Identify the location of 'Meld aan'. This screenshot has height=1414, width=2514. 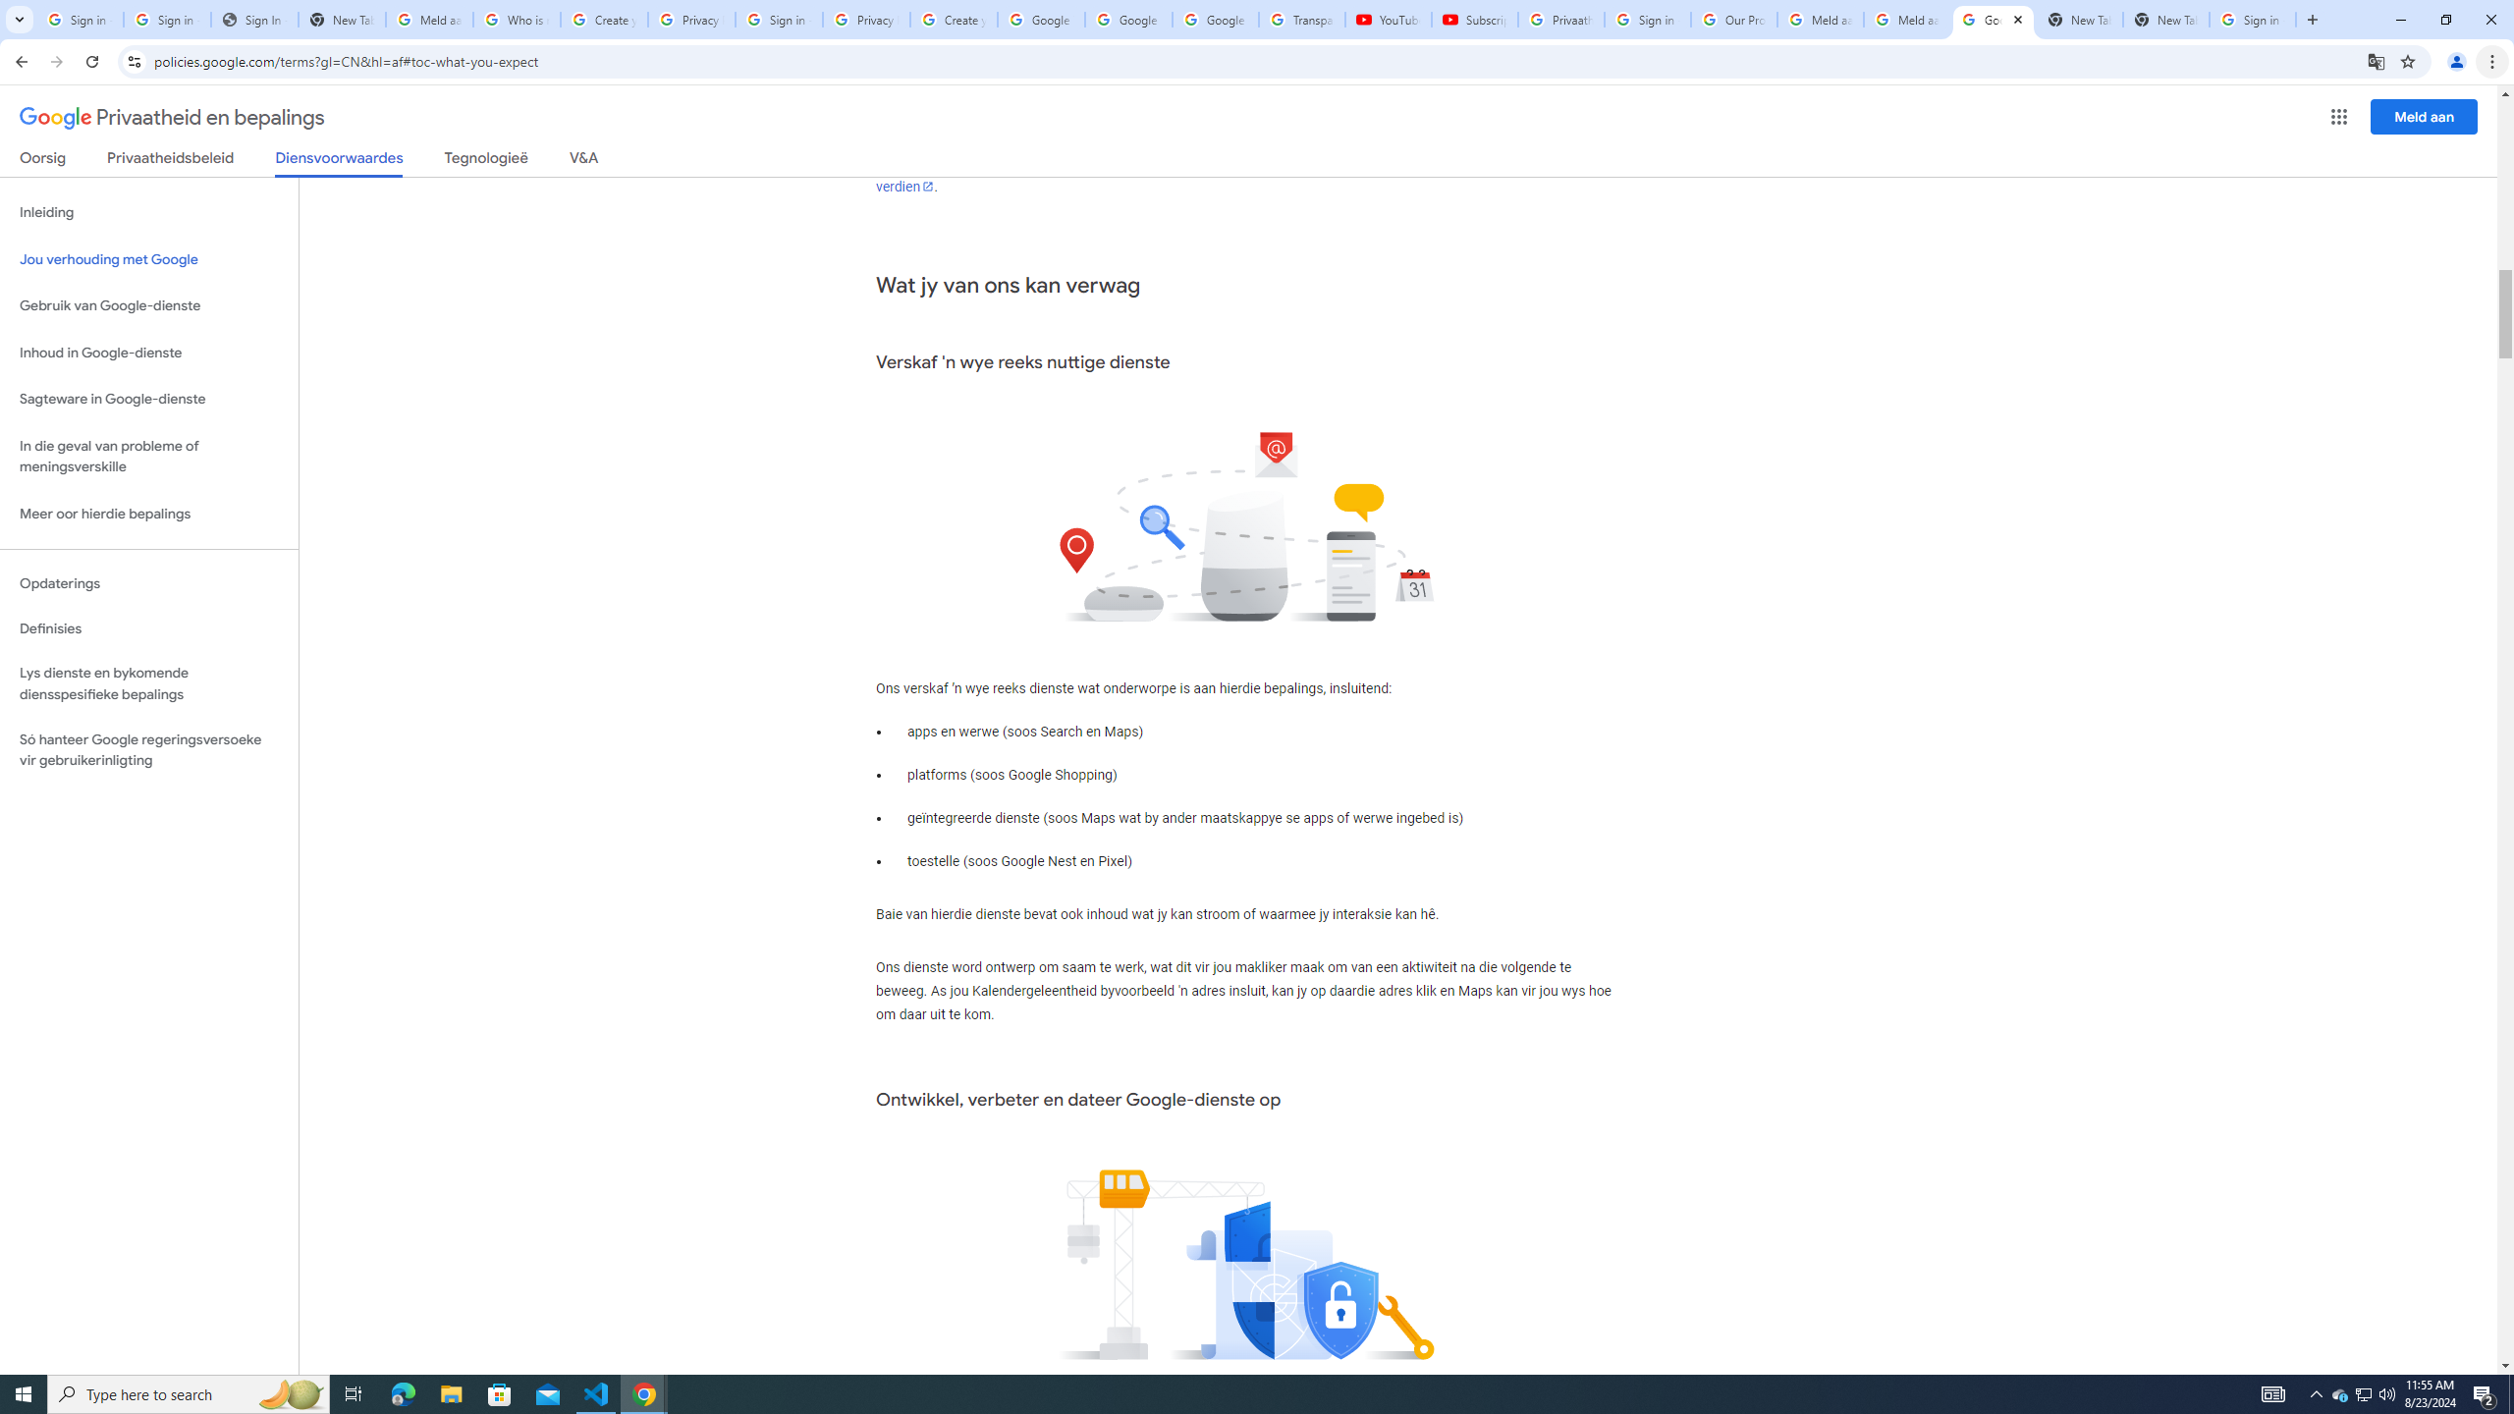
(2425, 116).